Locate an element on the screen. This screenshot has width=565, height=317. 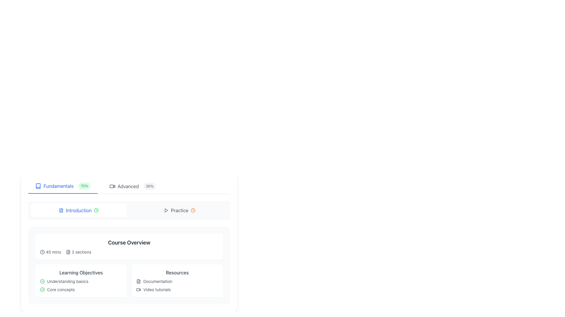
the textual label representing a completed learning objective in the course interface, which is the first item under the 'Learning Objectives' section is located at coordinates (68, 281).